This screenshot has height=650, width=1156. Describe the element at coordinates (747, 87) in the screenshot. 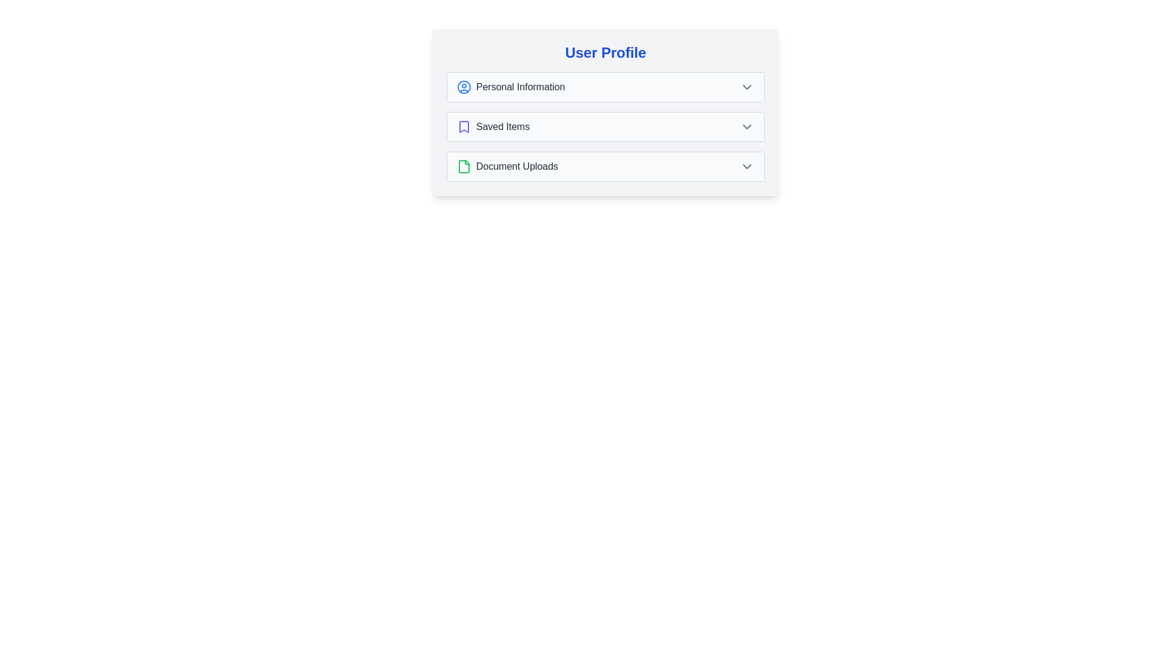

I see `the small, downward-pointing gray outlined arrow icon located on the far-right end of the 'Personal Information' section in the user profile interface` at that location.